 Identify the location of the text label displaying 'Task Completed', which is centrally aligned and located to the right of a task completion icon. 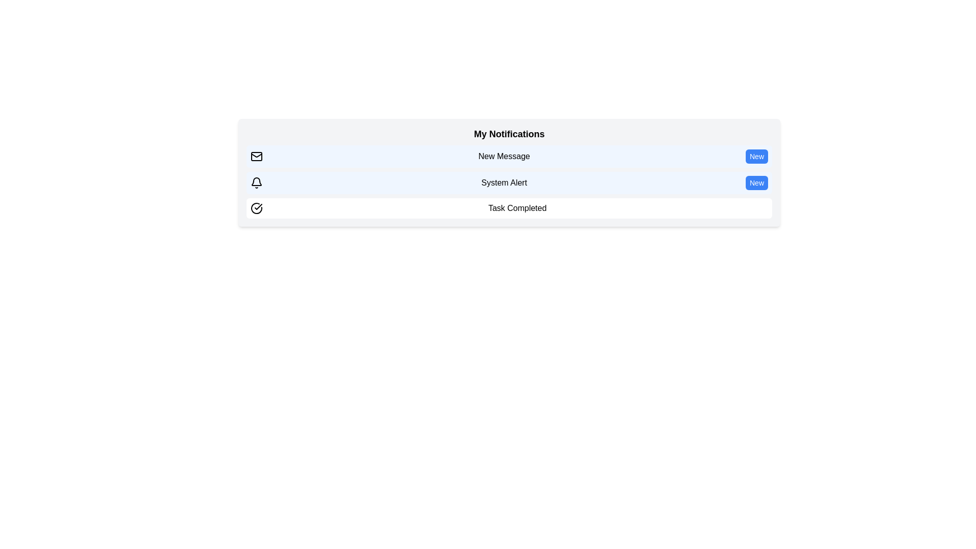
(517, 207).